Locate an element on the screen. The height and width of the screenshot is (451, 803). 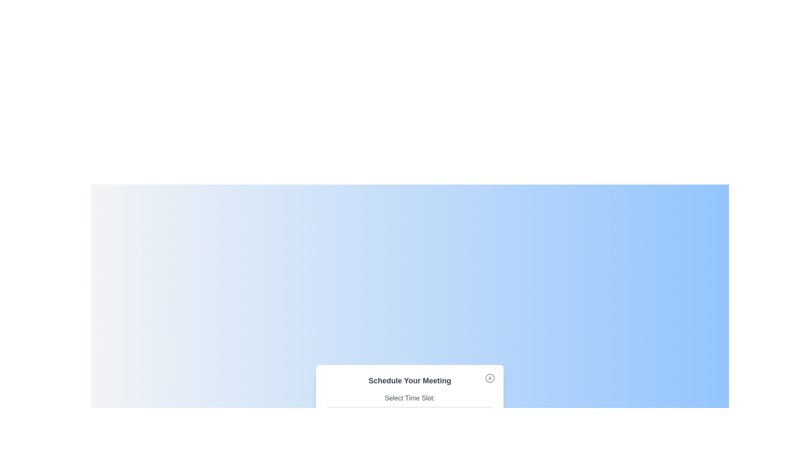
the time slot 10:00 AM from the dropdown menu is located at coordinates (409, 414).